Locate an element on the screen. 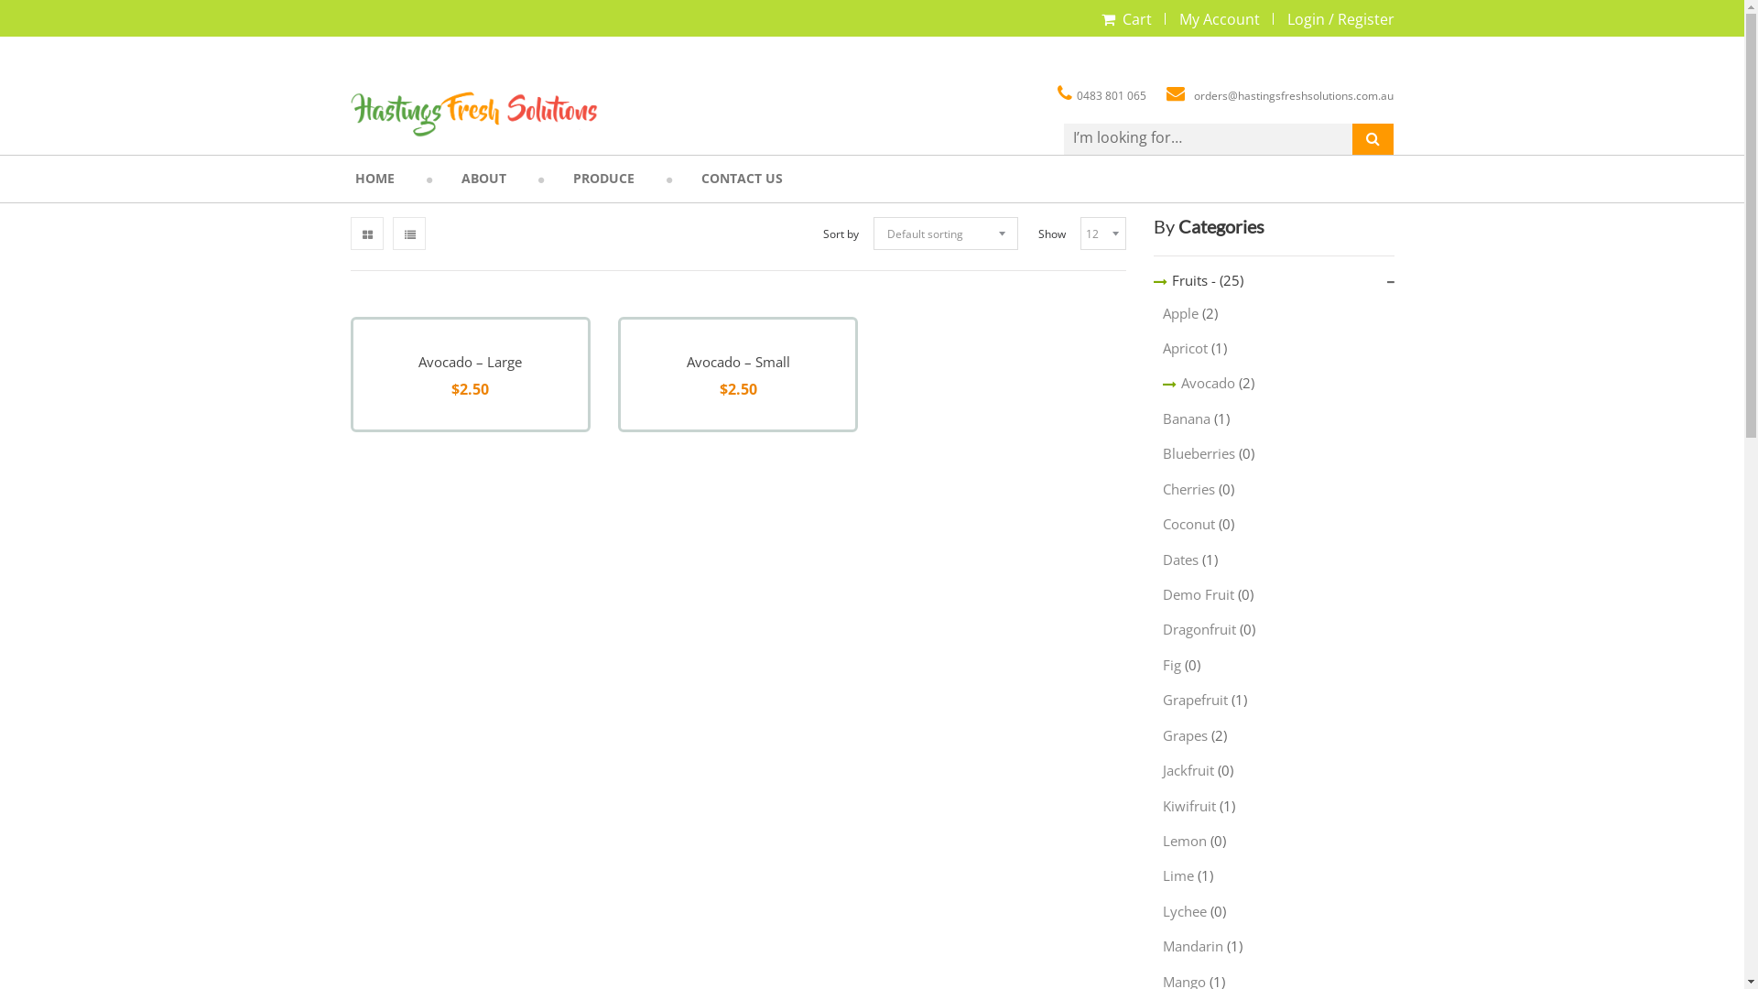  'CONTACT US' is located at coordinates (741, 179).